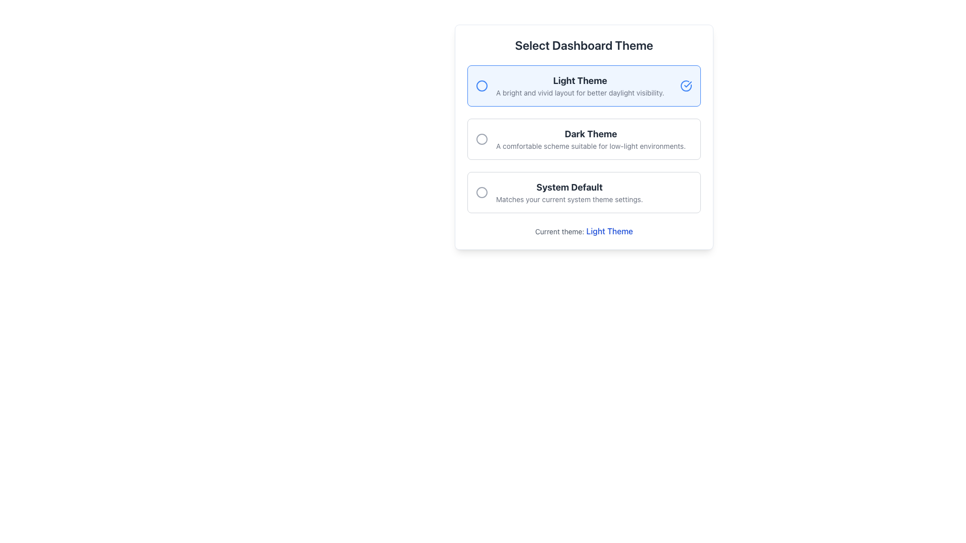  I want to click on the explanatory text located below the 'Dark Theme' label in the 'Select Dashboard Theme' interface, so click(591, 146).